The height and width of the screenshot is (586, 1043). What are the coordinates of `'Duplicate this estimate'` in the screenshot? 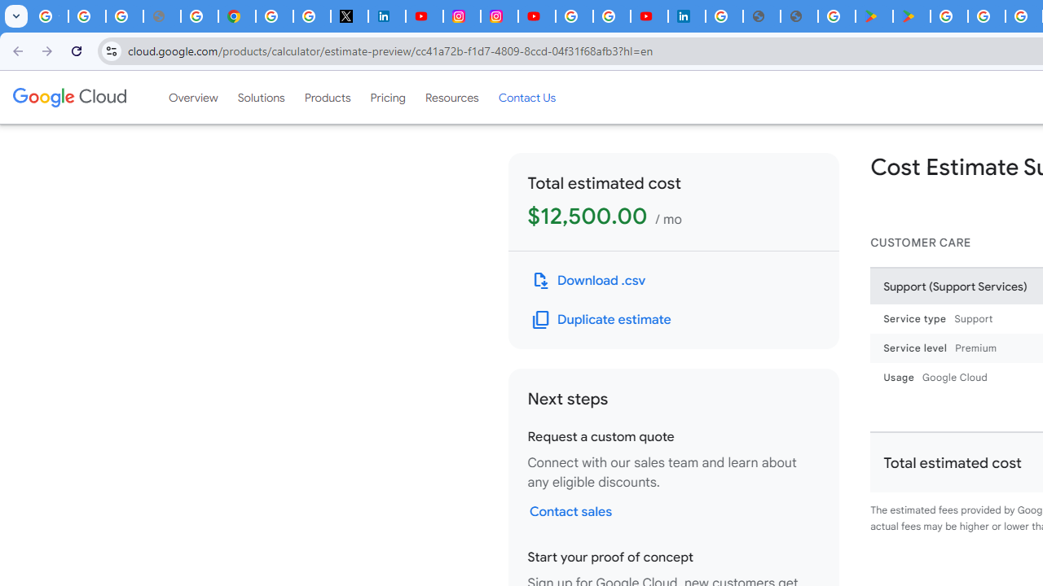 It's located at (601, 320).